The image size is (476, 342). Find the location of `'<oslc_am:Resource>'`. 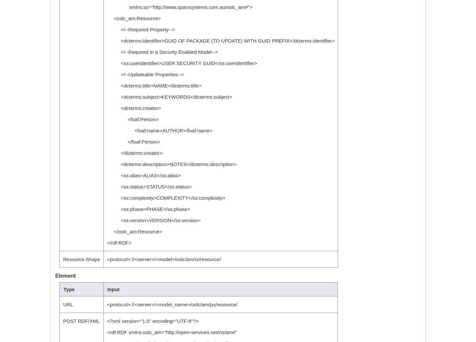

'<oslc_am:Resource>' is located at coordinates (133, 18).